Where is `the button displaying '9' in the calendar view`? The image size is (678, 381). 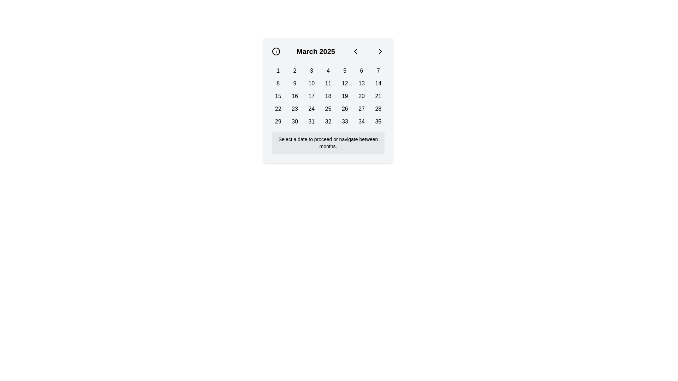 the button displaying '9' in the calendar view is located at coordinates (295, 83).